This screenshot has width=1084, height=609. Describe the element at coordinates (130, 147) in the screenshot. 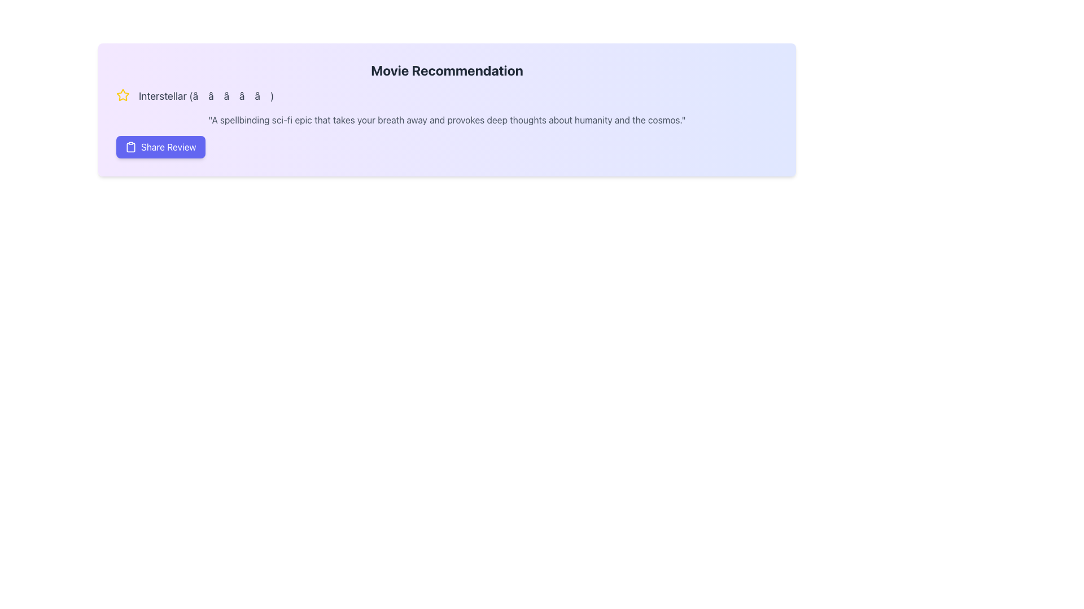

I see `the copy or clipboard icon located to the left of the 'Share Review' text on the blue button in the bottom left quadrant of the card` at that location.